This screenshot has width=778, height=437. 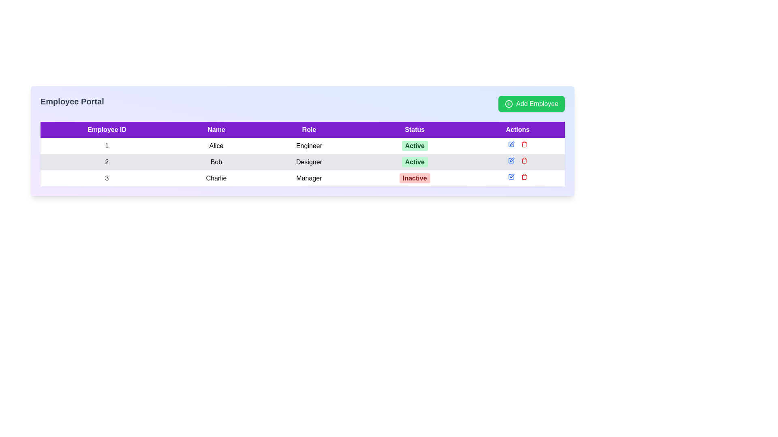 What do you see at coordinates (531, 104) in the screenshot?
I see `the green 'Add Employee' button located on the right side of the header section, aligned with the 'Employee Portal' title, to initiate the action for adding an employee` at bounding box center [531, 104].